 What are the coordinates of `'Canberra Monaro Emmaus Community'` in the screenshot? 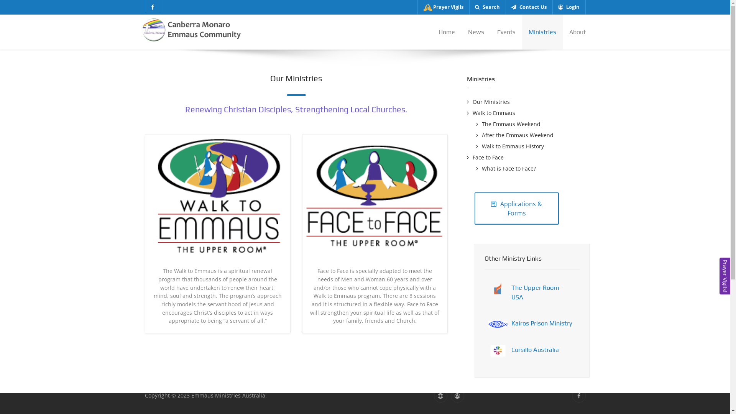 It's located at (192, 29).